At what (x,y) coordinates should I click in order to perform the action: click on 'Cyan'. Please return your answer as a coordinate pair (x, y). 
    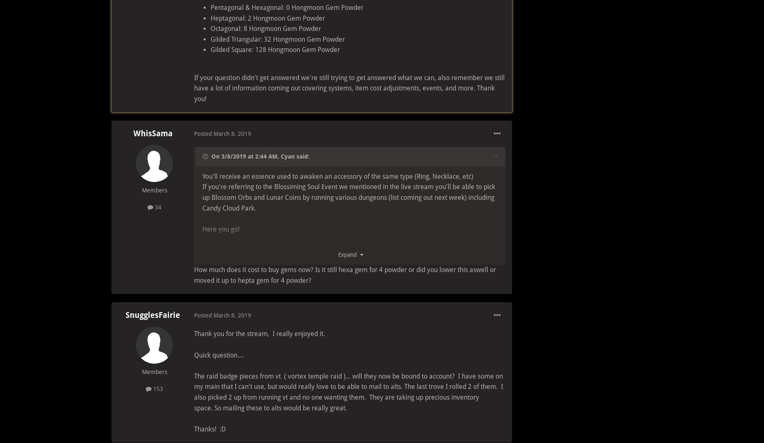
    Looking at the image, I should click on (288, 156).